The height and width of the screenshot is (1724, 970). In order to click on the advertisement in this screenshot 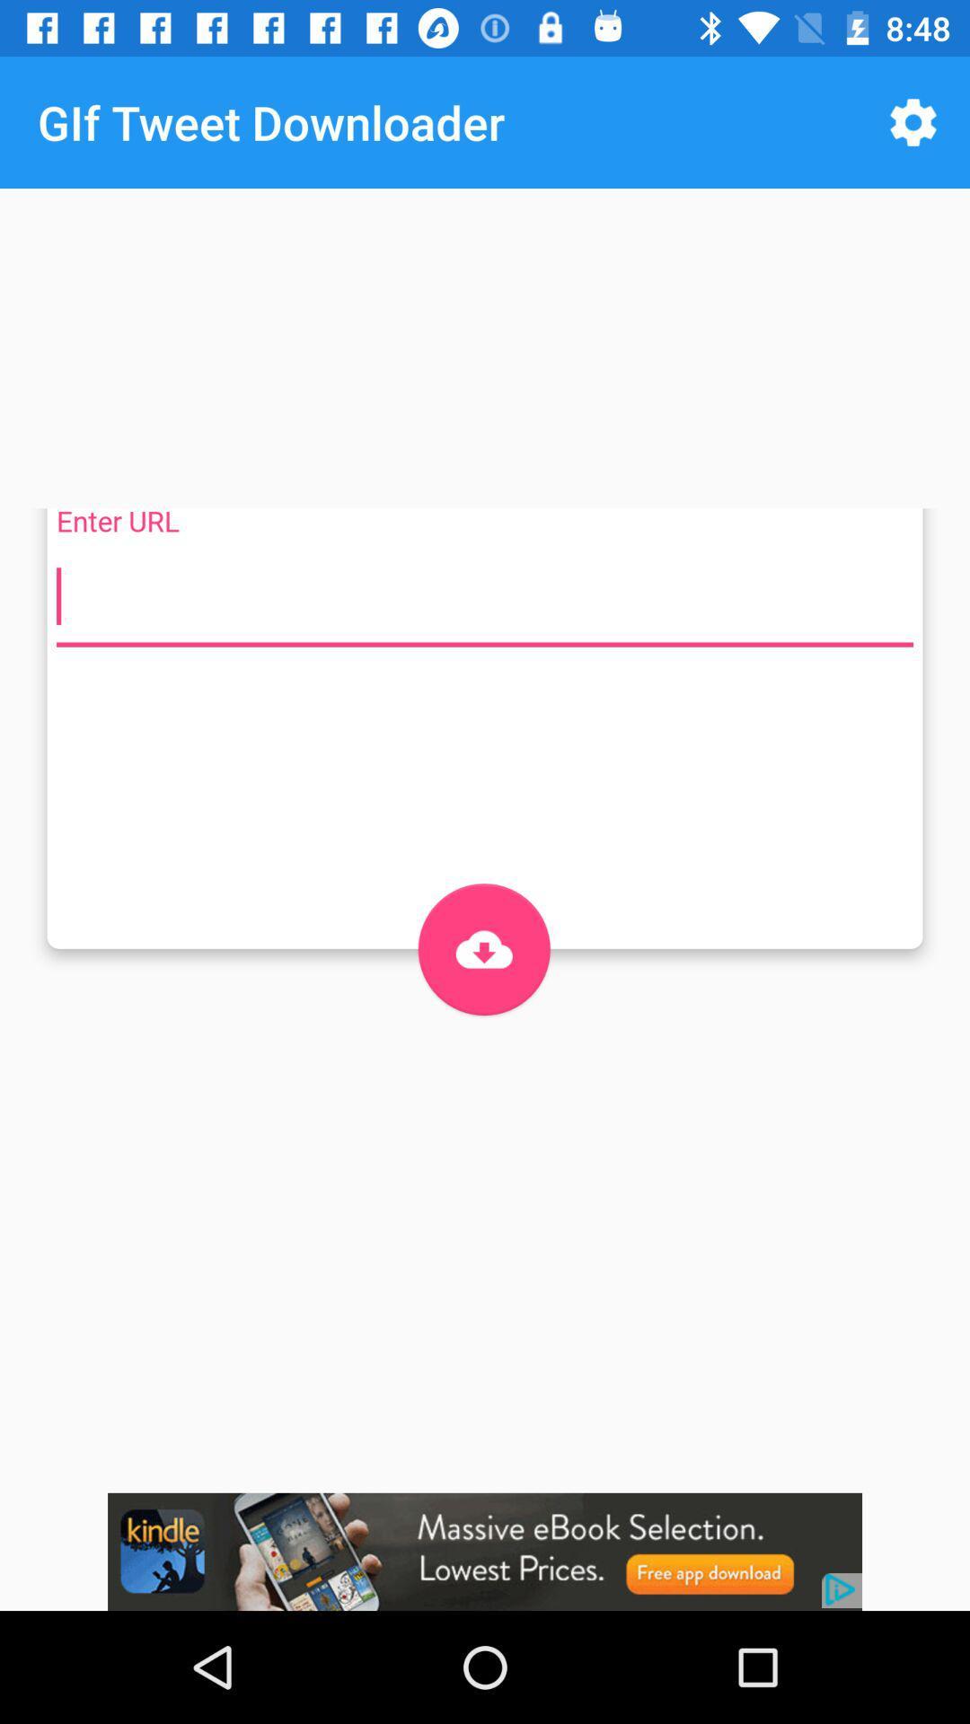, I will do `click(485, 1551)`.